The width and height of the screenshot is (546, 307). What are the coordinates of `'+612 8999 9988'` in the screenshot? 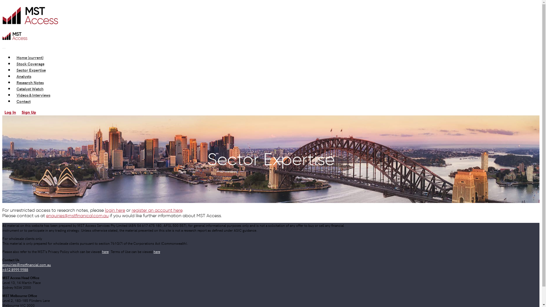 It's located at (15, 269).